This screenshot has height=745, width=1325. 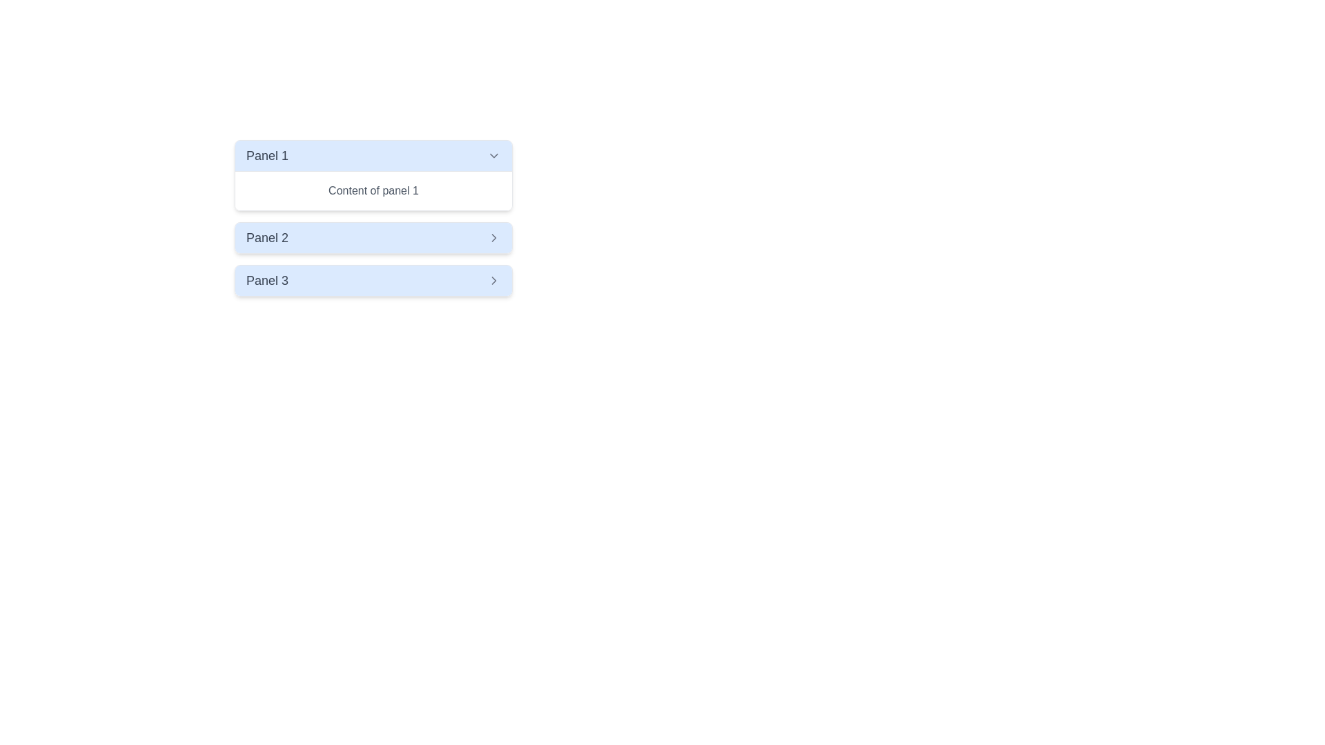 What do you see at coordinates (267, 155) in the screenshot?
I see `text label displaying 'Panel 1', which is styled in bold grey font and is part of the first panel's header` at bounding box center [267, 155].